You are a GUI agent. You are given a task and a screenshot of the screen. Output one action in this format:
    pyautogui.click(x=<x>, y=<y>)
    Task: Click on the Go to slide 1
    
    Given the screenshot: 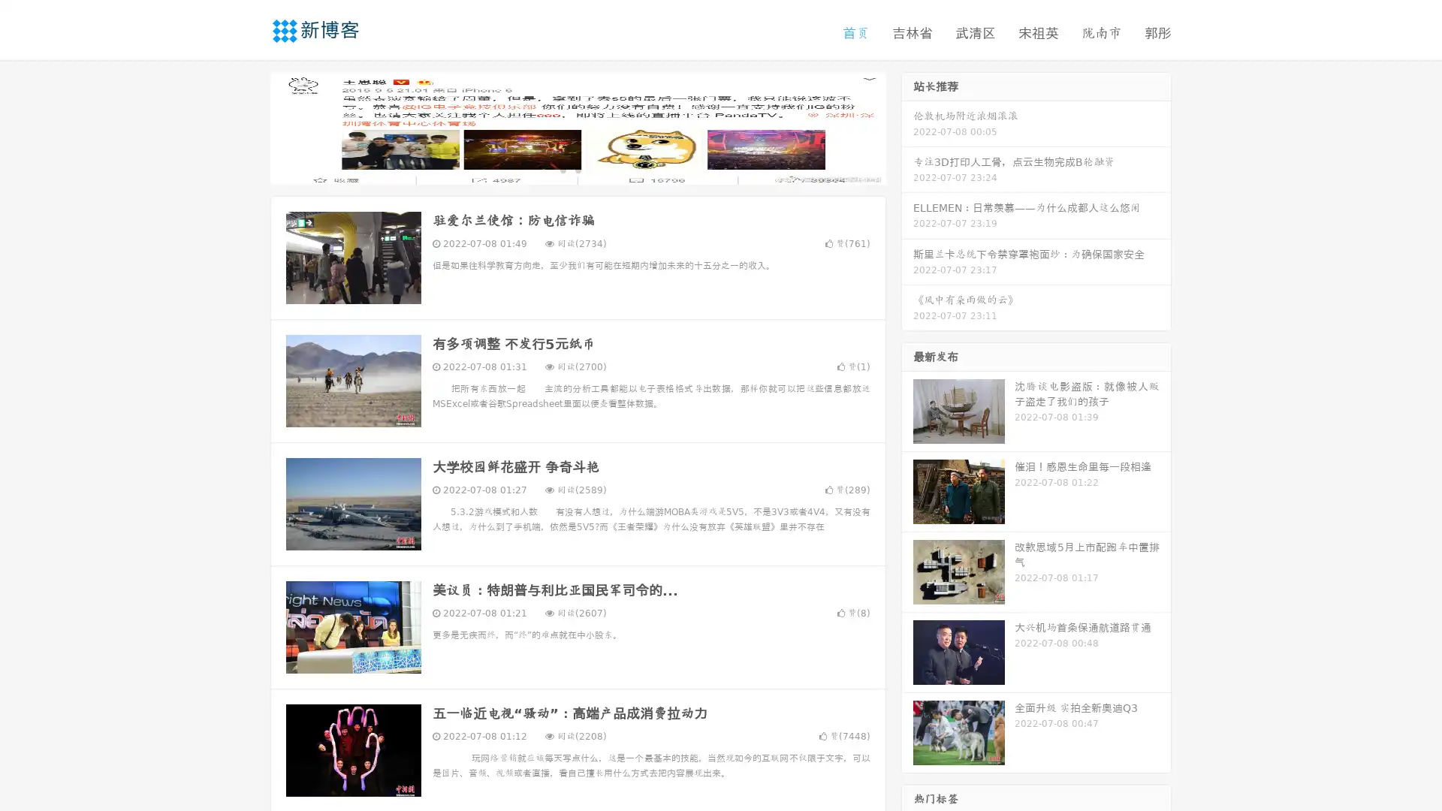 What is the action you would take?
    pyautogui.click(x=562, y=169)
    